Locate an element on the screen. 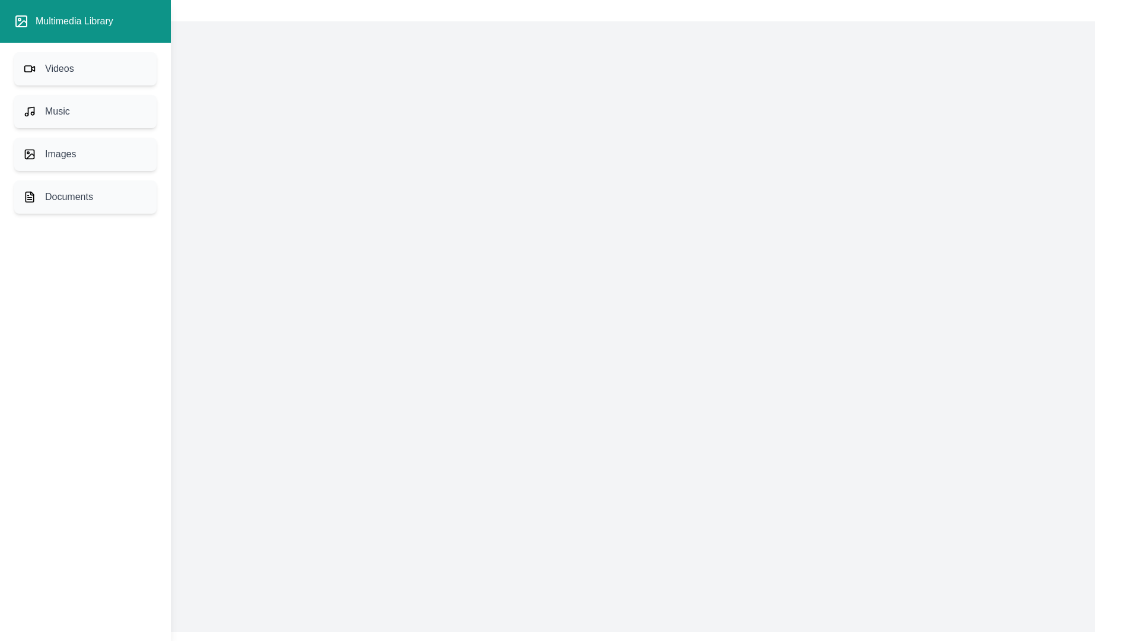  the header of the drawer to inspect it is located at coordinates (85, 21).